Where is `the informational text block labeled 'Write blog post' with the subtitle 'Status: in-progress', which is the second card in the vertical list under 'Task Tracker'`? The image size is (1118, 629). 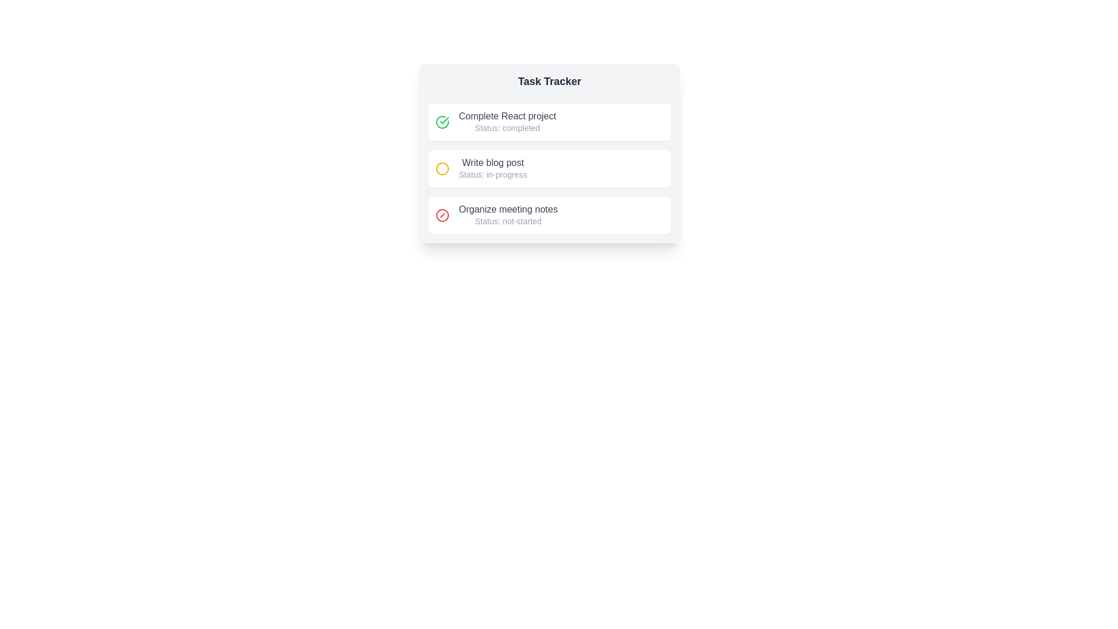
the informational text block labeled 'Write blog post' with the subtitle 'Status: in-progress', which is the second card in the vertical list under 'Task Tracker' is located at coordinates (493, 168).